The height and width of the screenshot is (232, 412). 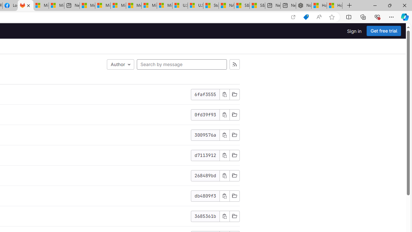 What do you see at coordinates (306, 17) in the screenshot?
I see `'Shopping in Microsoft Edge'` at bounding box center [306, 17].